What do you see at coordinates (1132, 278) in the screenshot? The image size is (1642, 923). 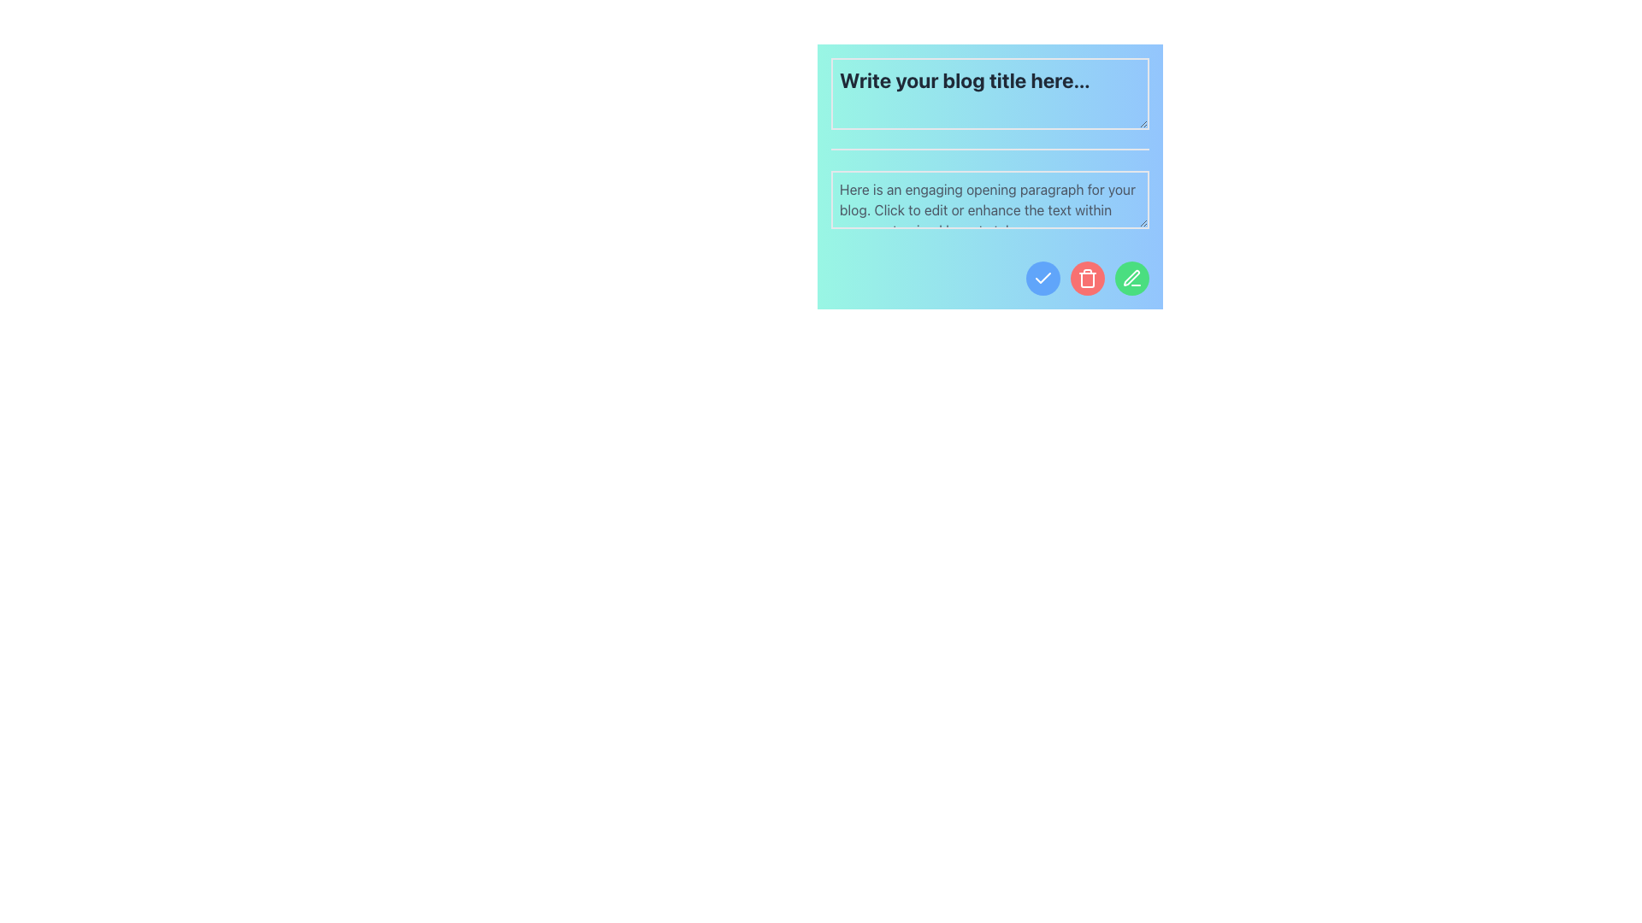 I see `the 'edit' button located at the center of the rightmost action button below the text fields in the panel` at bounding box center [1132, 278].